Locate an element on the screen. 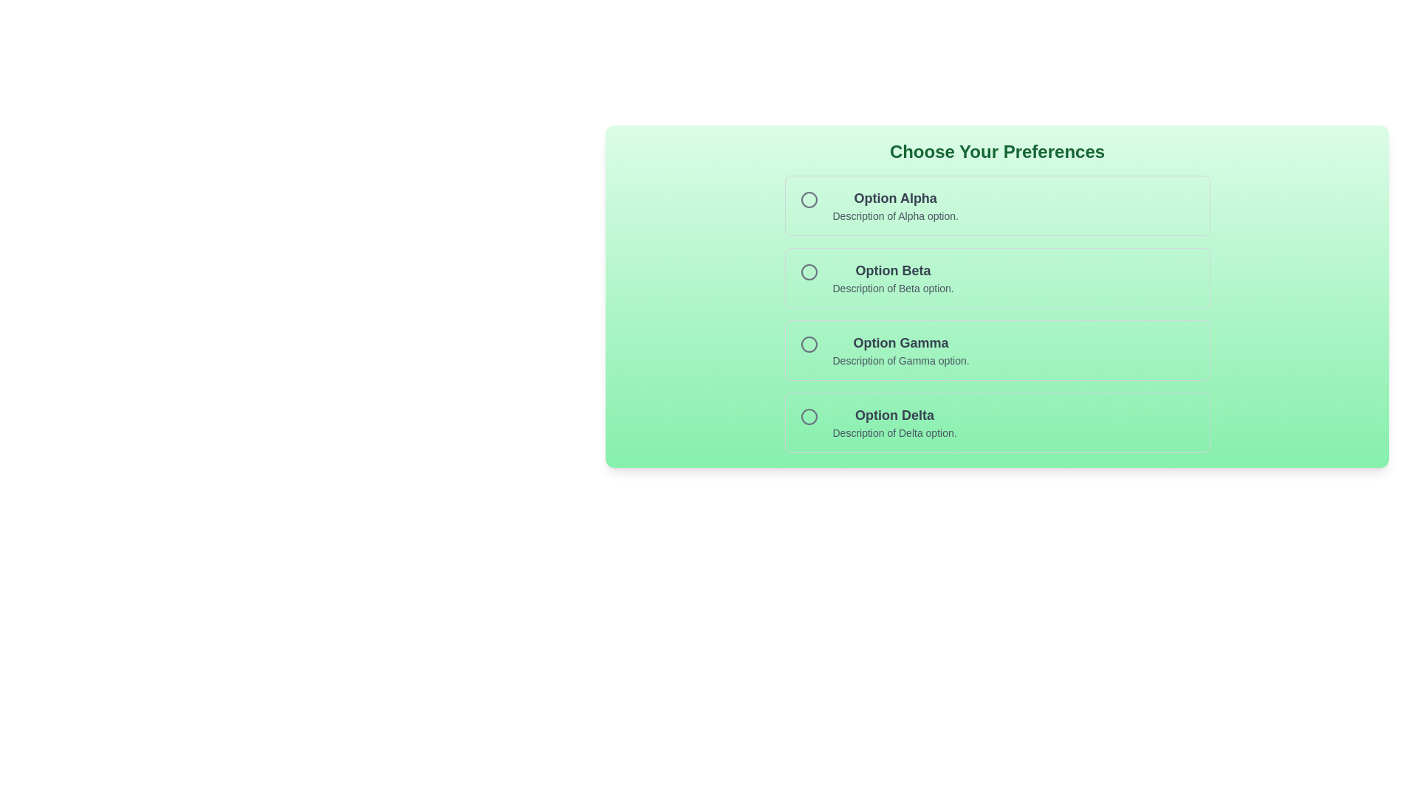 The width and height of the screenshot is (1418, 797). the circular graphic of the radio button that corresponds to 'Option Gamma', which is the third option in the list is located at coordinates (808, 344).